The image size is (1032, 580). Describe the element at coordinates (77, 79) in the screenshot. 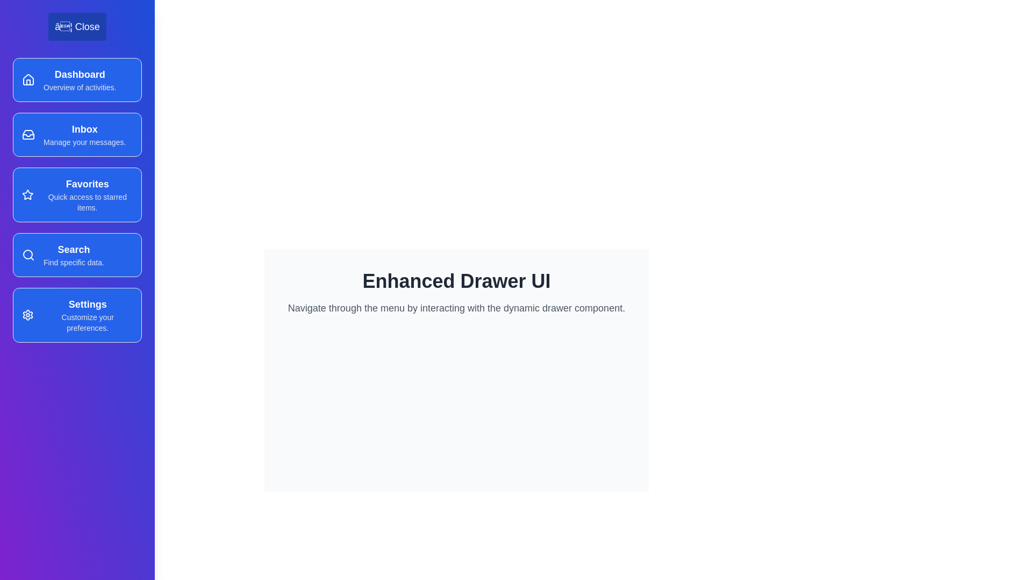

I see `the menu item corresponding to Dashboard` at that location.